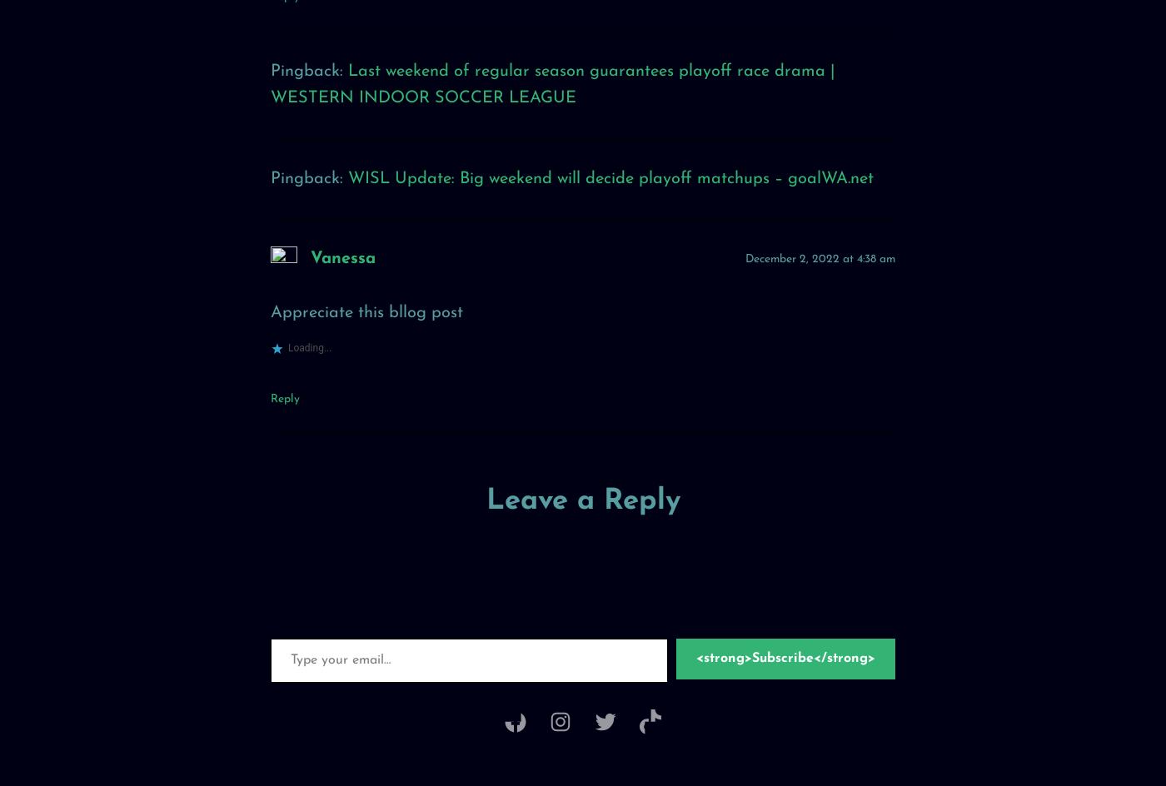 The width and height of the screenshot is (1166, 786). I want to click on 'Loading...', so click(309, 354).